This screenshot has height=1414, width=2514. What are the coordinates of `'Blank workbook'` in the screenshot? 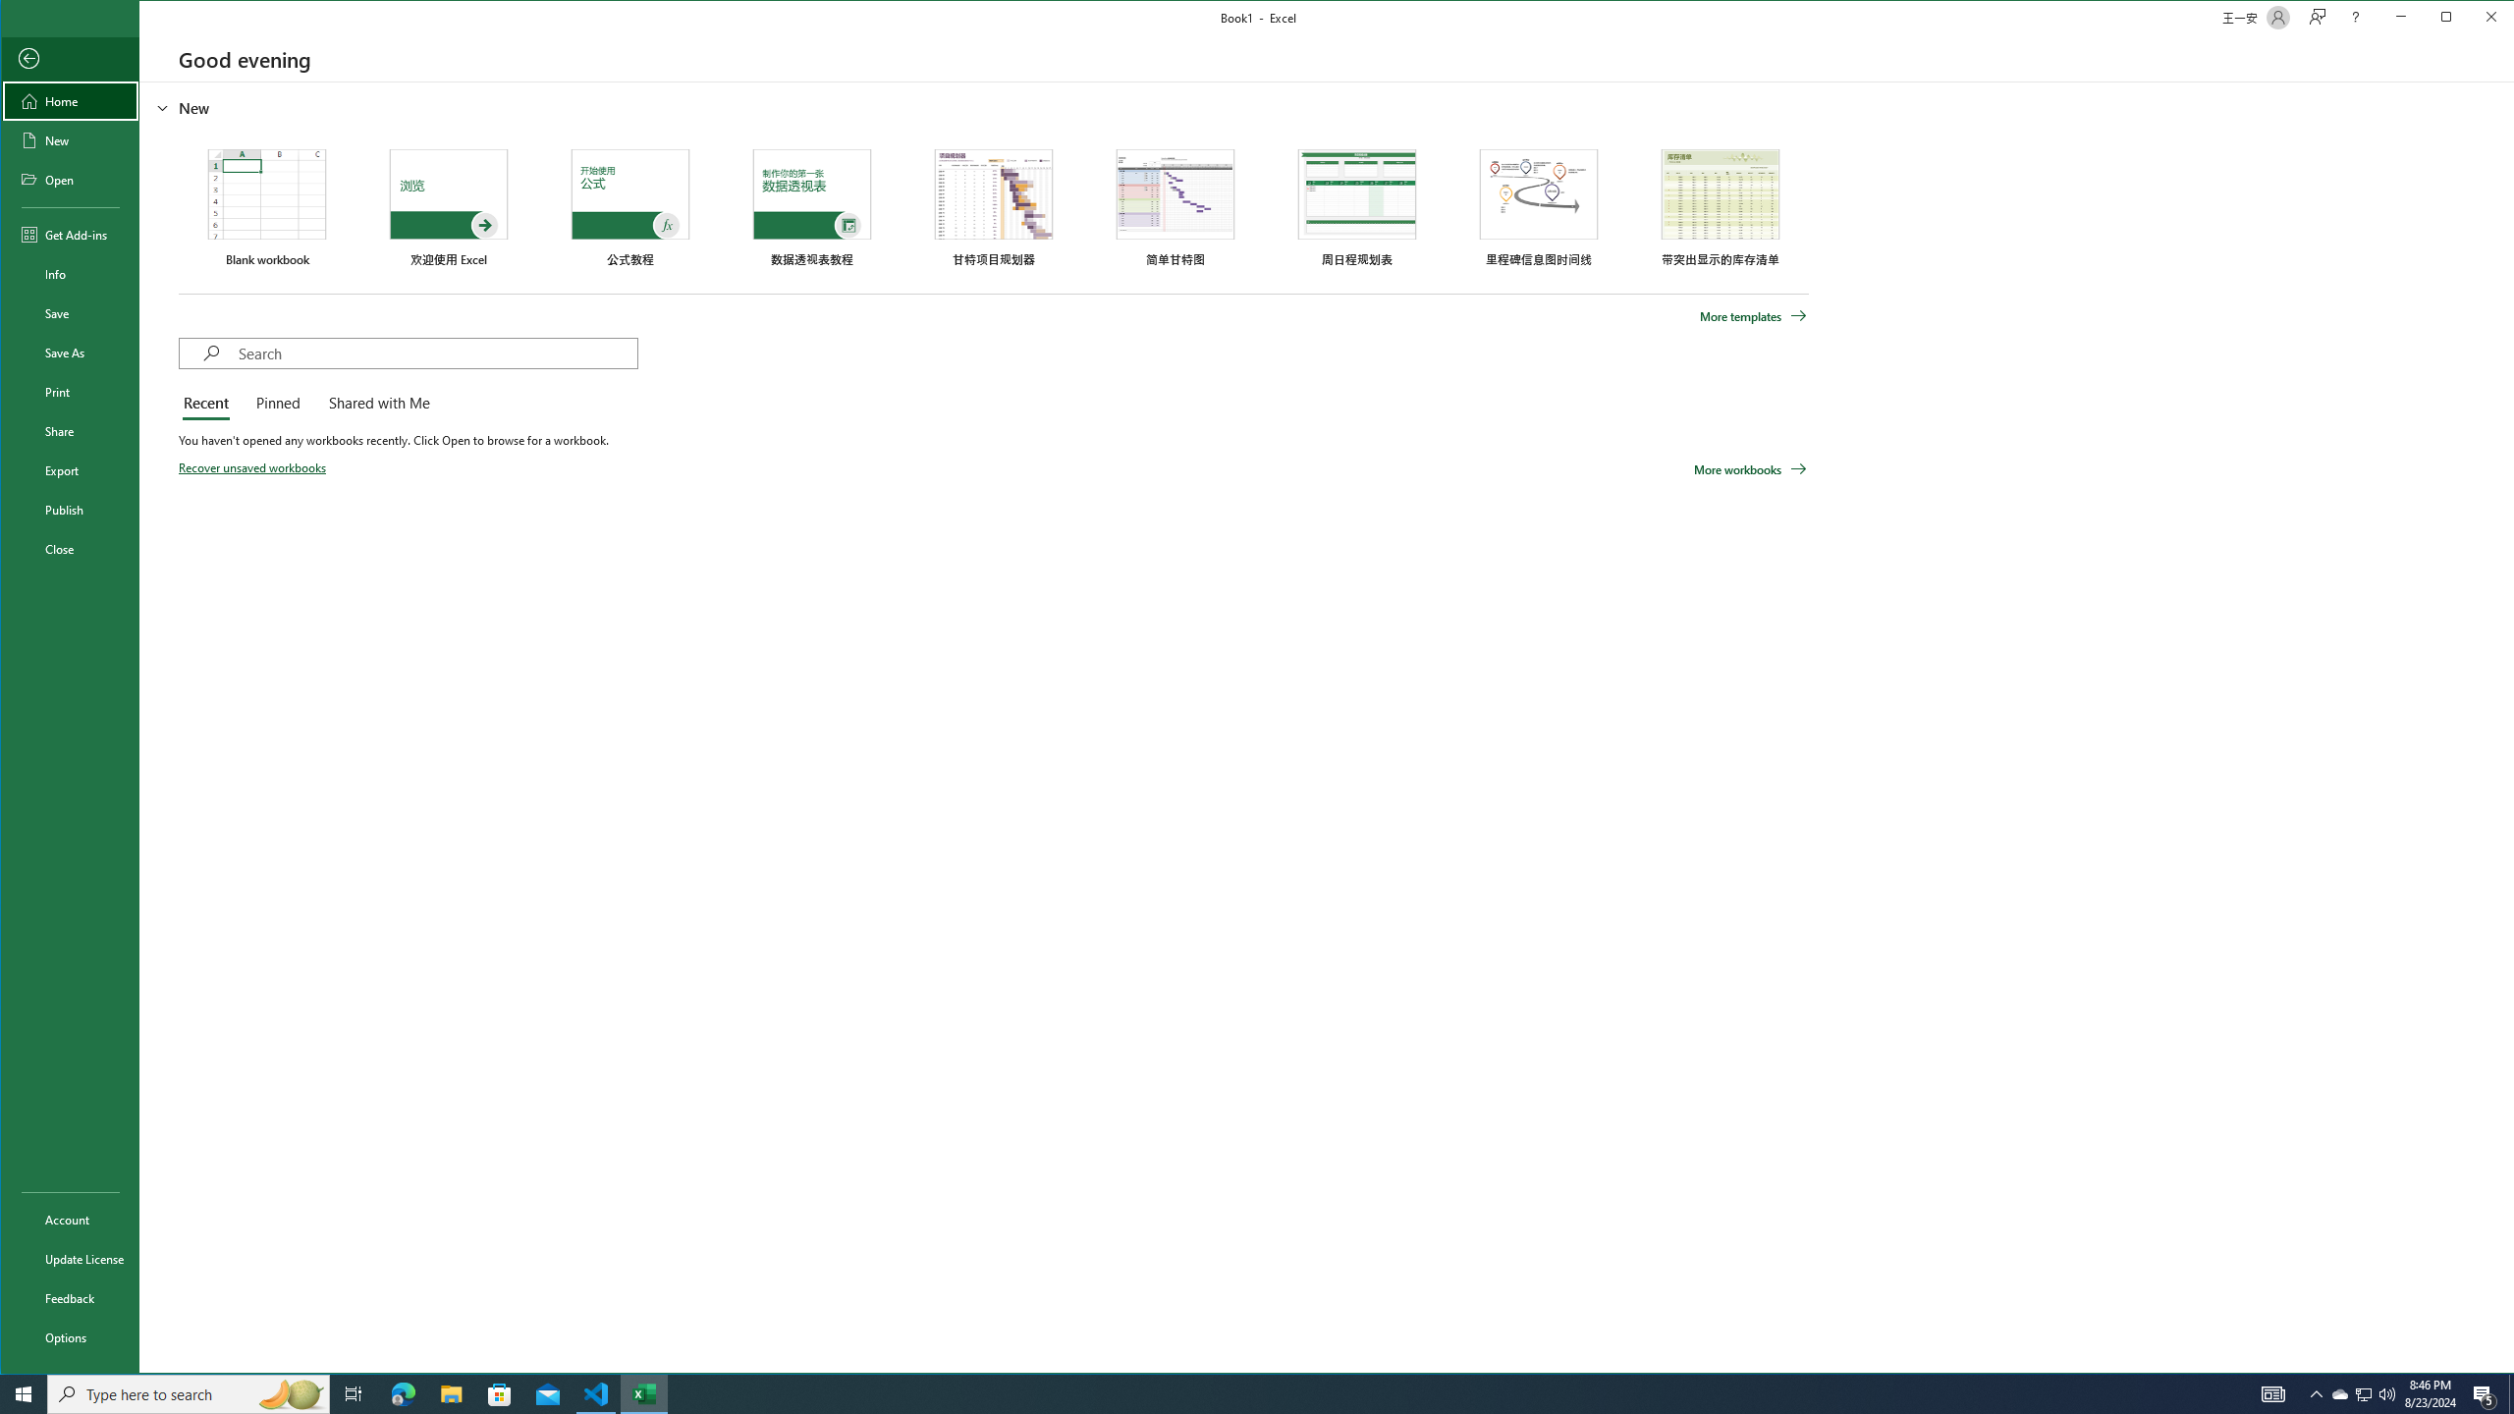 It's located at (265, 206).